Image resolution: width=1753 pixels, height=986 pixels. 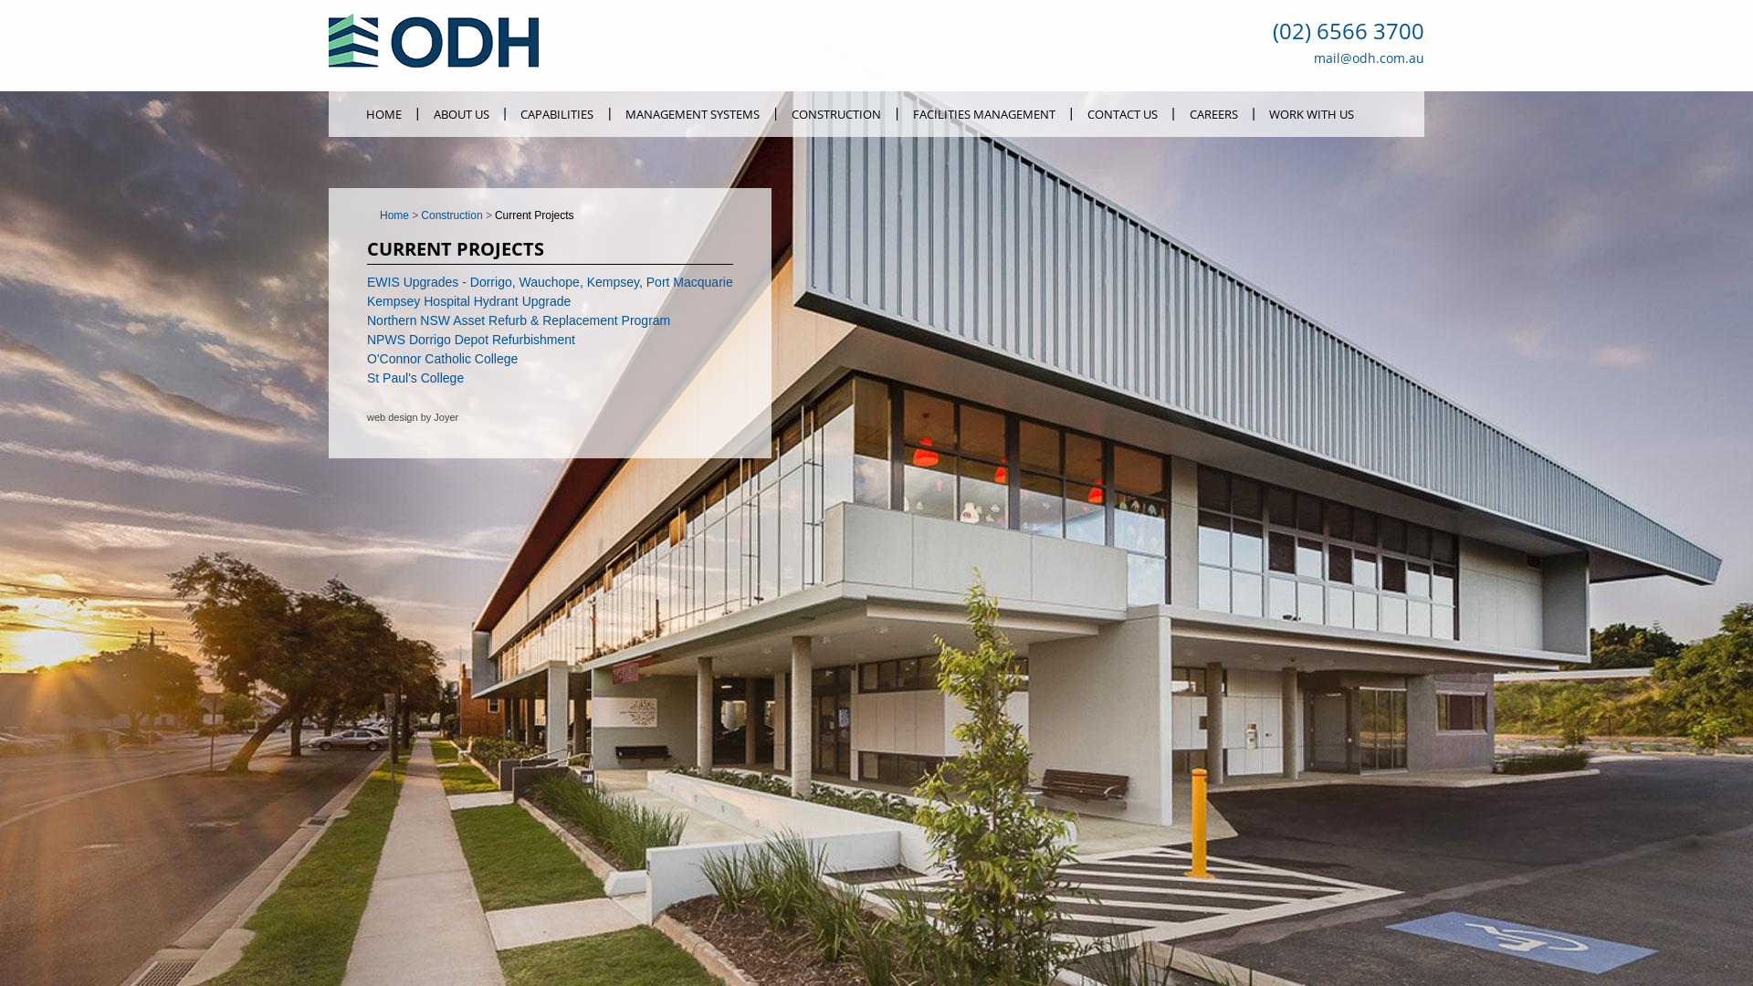 I want to click on 'CAREERS', so click(x=1213, y=113).